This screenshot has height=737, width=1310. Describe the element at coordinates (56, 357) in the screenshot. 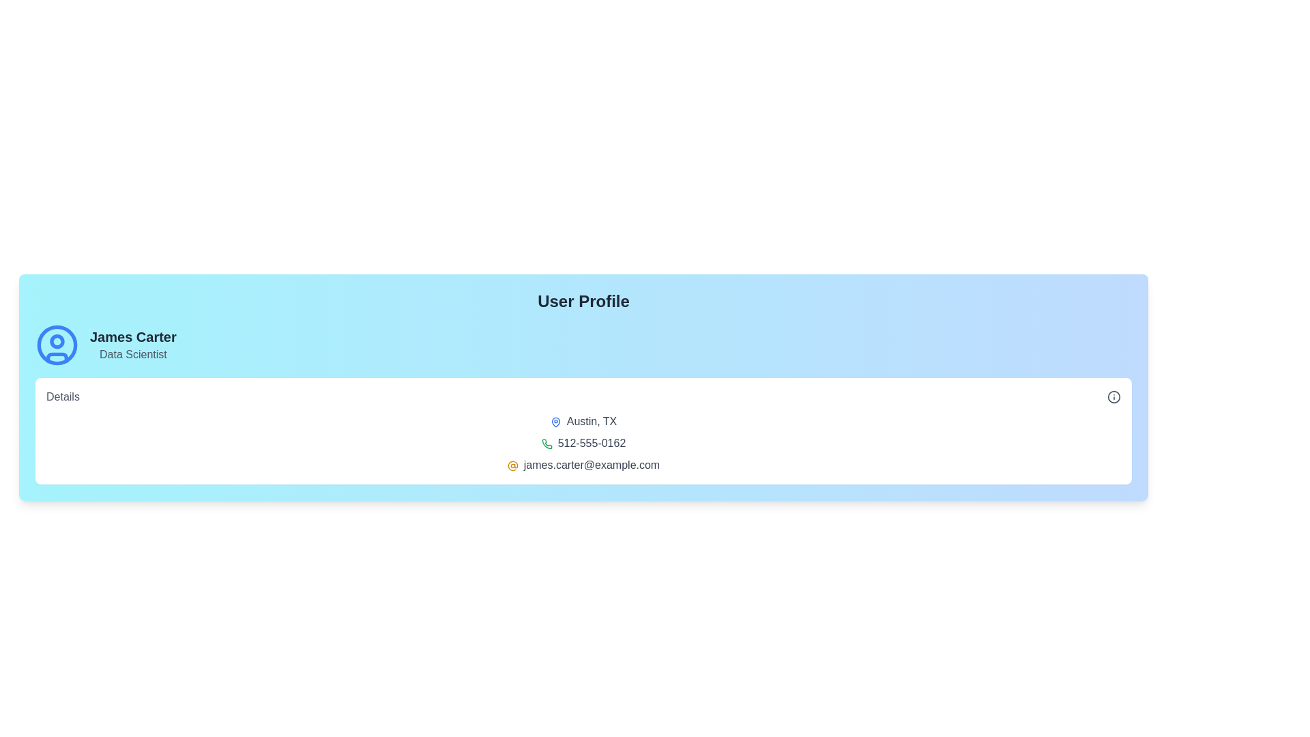

I see `the decorative semi-circular arc within the user avatar icon, which is located in the lower part of the circular avatar, beneath the smaller inner circle` at that location.